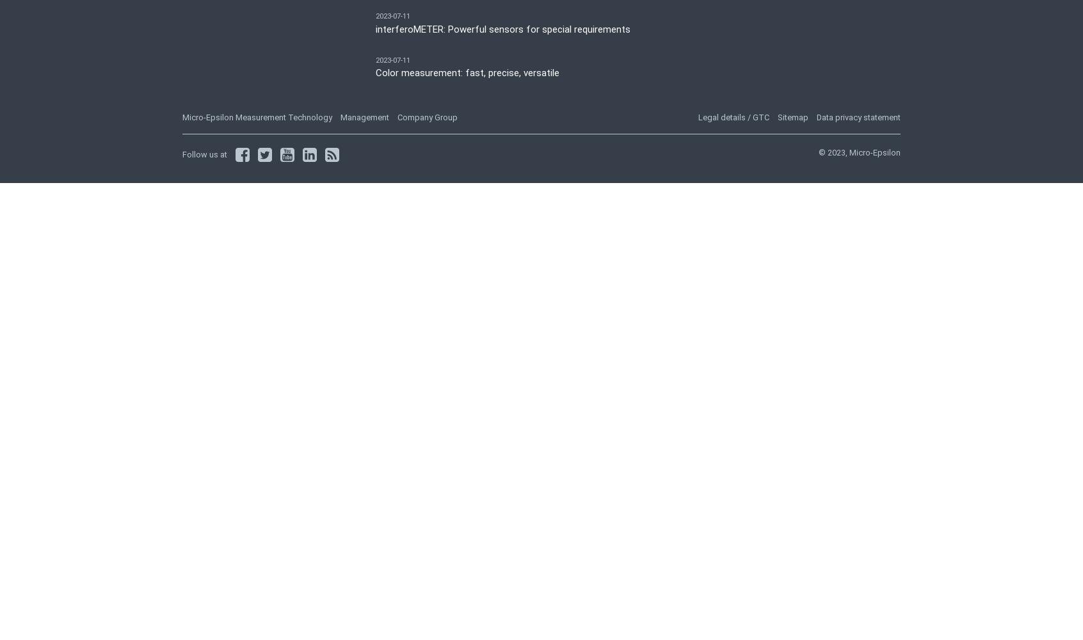 The width and height of the screenshot is (1083, 640). Describe the element at coordinates (204, 153) in the screenshot. I see `'Follow us at'` at that location.